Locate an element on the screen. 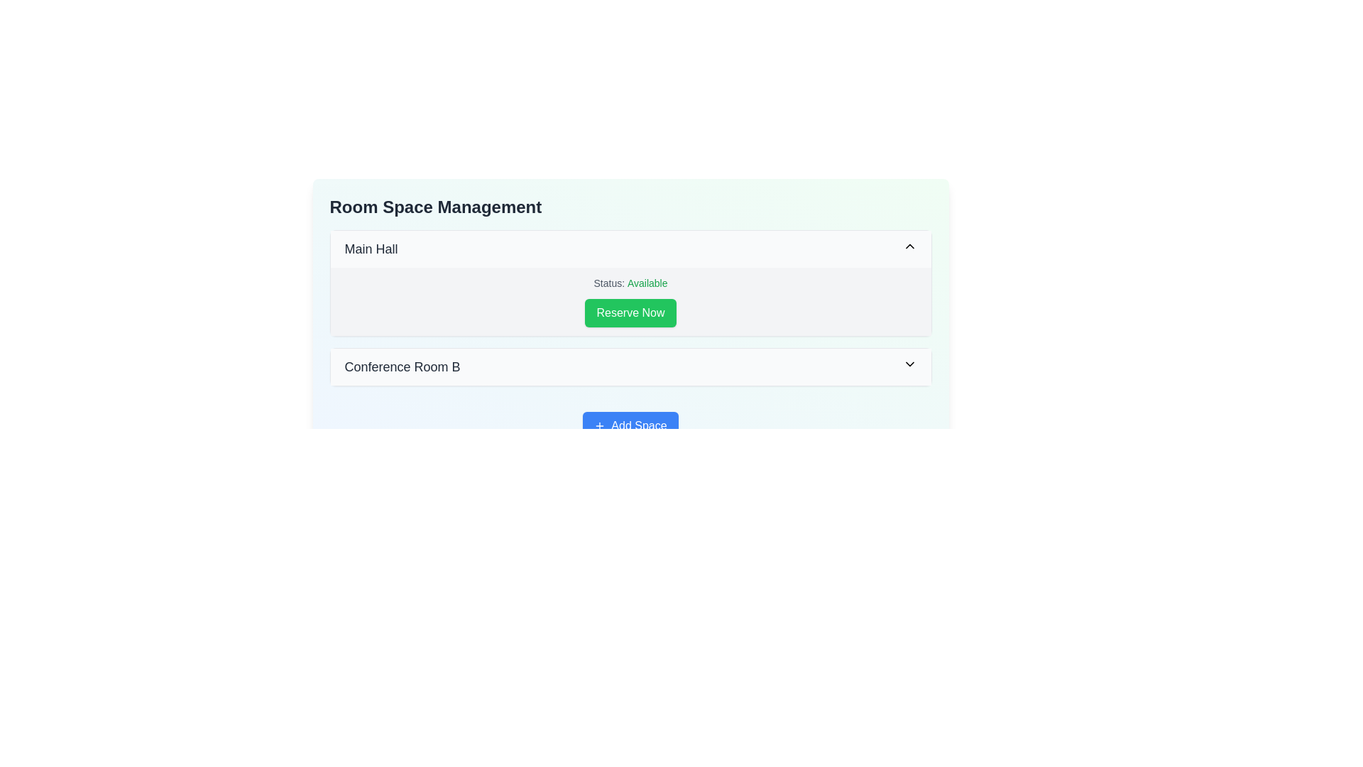  the dropdown menu item labeled 'Conference Room B' is located at coordinates (630, 366).